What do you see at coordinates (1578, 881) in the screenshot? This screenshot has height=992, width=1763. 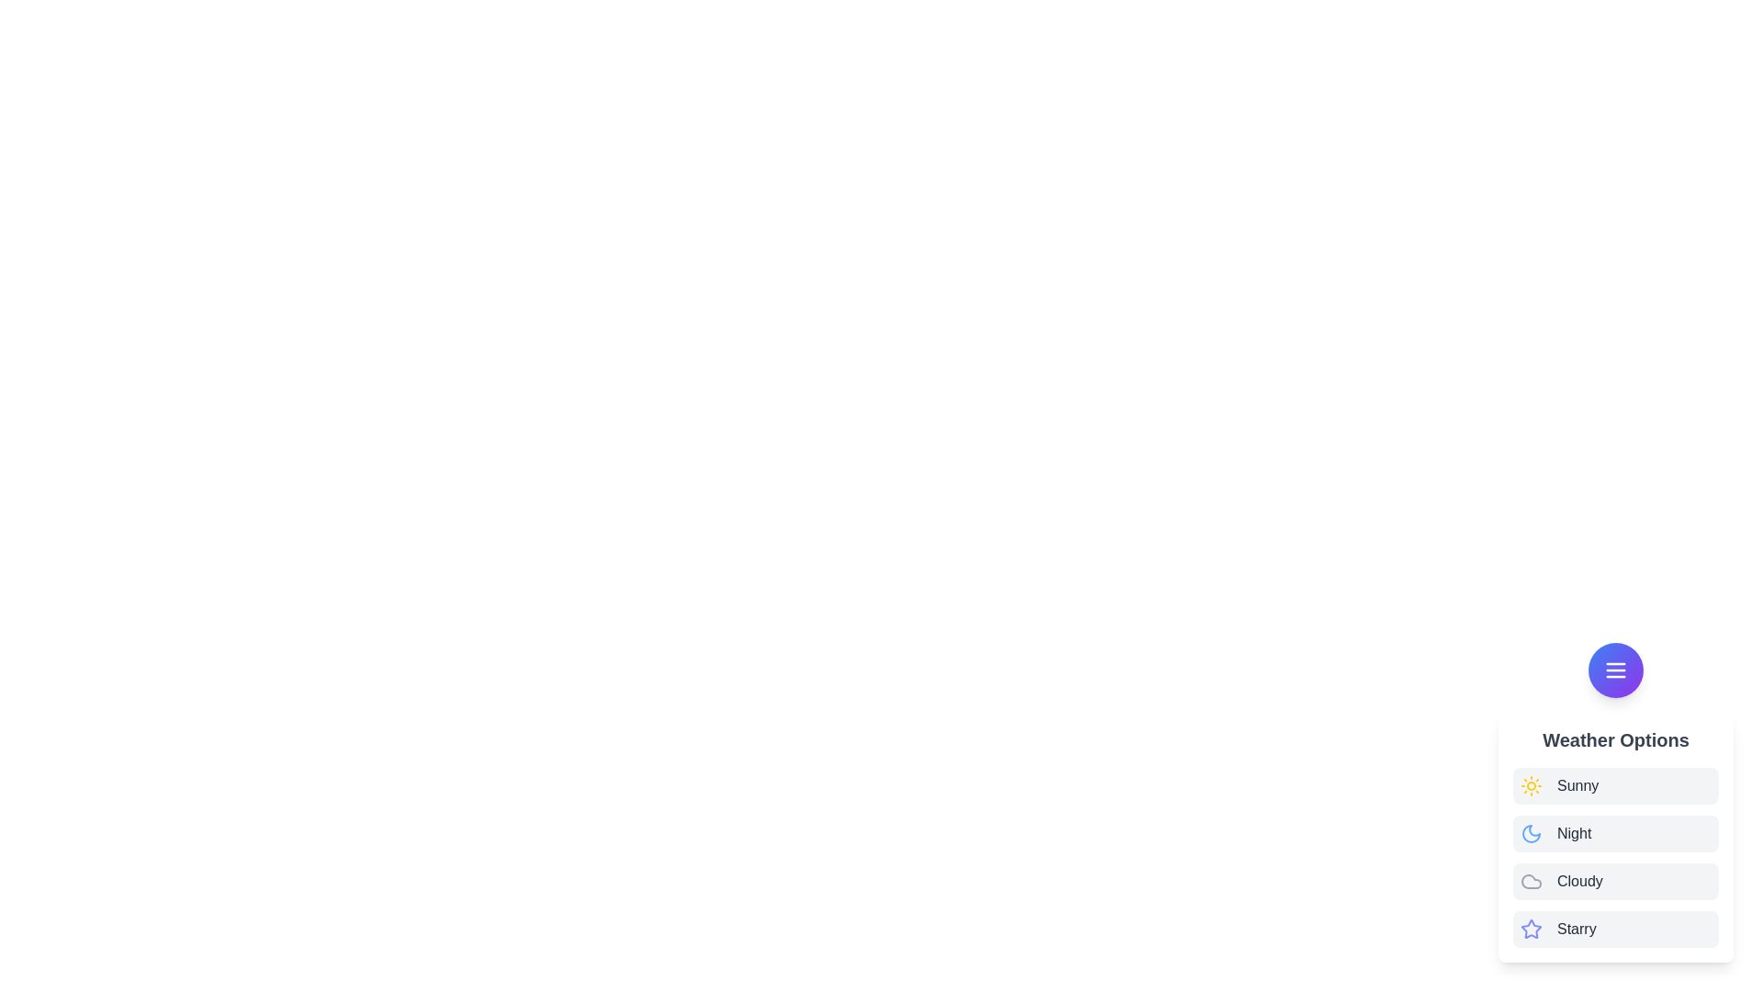 I see `the weather option labeled Cloudy` at bounding box center [1578, 881].